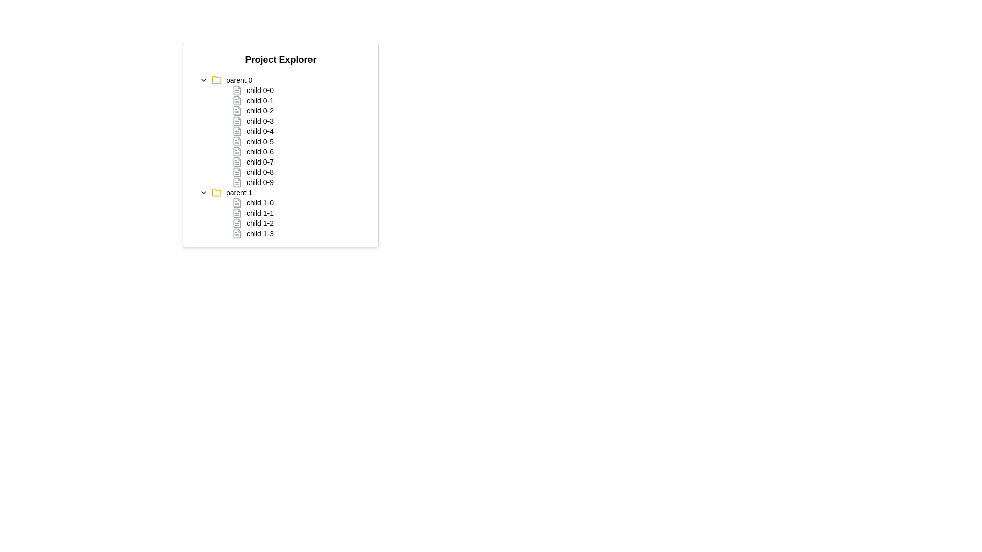 The width and height of the screenshot is (982, 552). Describe the element at coordinates (237, 182) in the screenshot. I see `the file icon with sharp edges located` at that location.